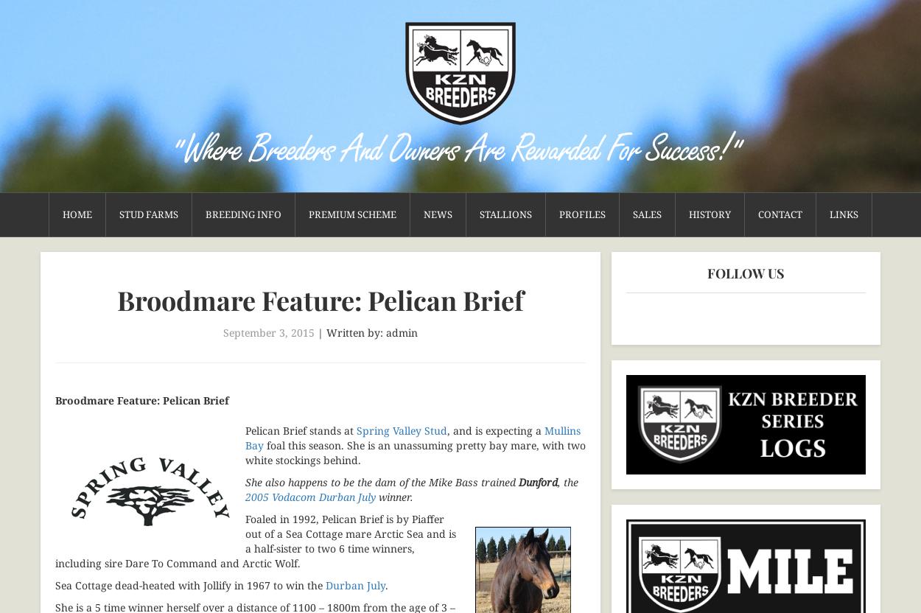 The width and height of the screenshot is (921, 613). What do you see at coordinates (148, 214) in the screenshot?
I see `'Stud Farms'` at bounding box center [148, 214].